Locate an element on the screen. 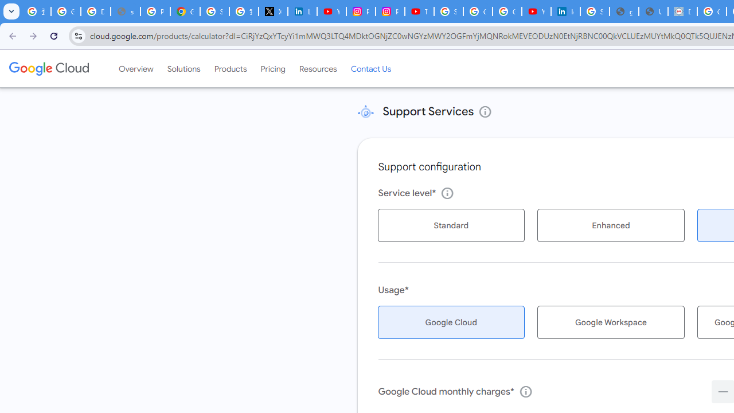 This screenshot has height=413, width=734. 'Contact Us' is located at coordinates (371, 68).